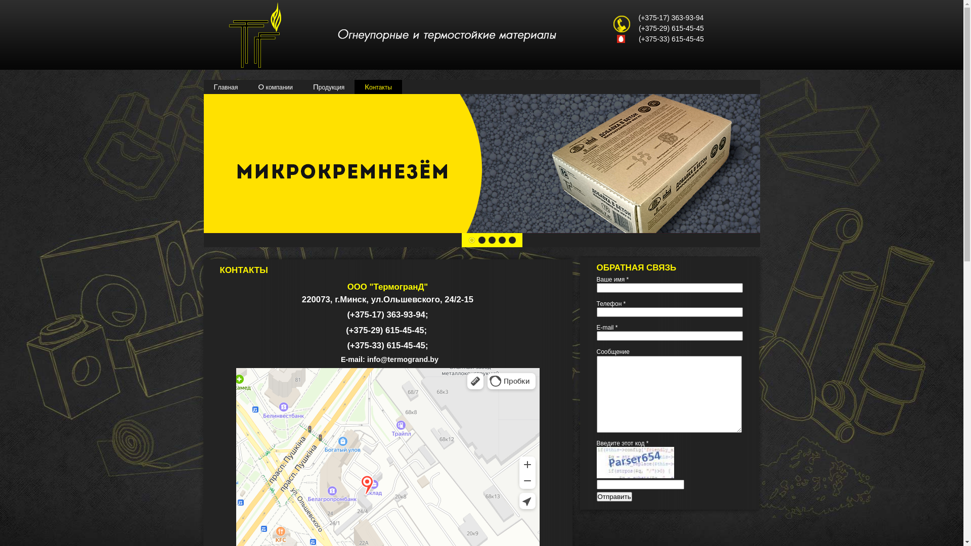 This screenshot has width=971, height=546. Describe the element at coordinates (480, 240) in the screenshot. I see `'2'` at that location.